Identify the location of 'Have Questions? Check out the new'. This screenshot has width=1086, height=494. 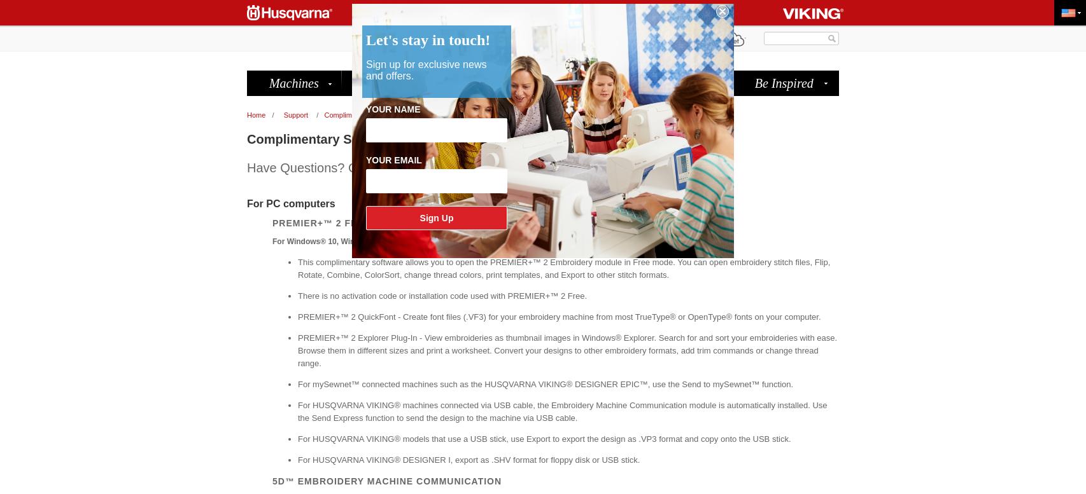
(351, 168).